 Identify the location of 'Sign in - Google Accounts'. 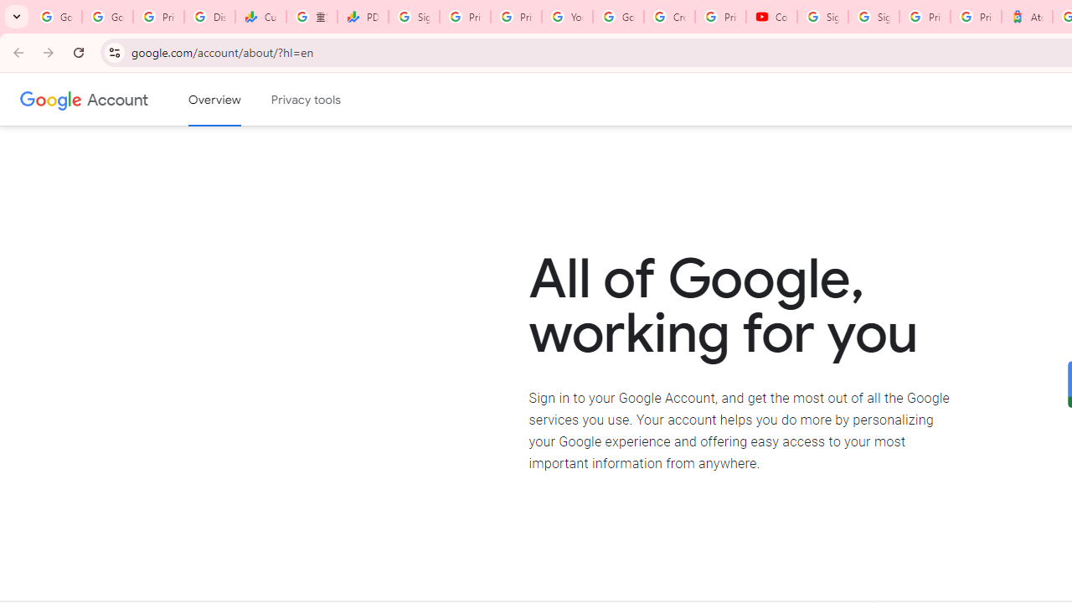
(873, 17).